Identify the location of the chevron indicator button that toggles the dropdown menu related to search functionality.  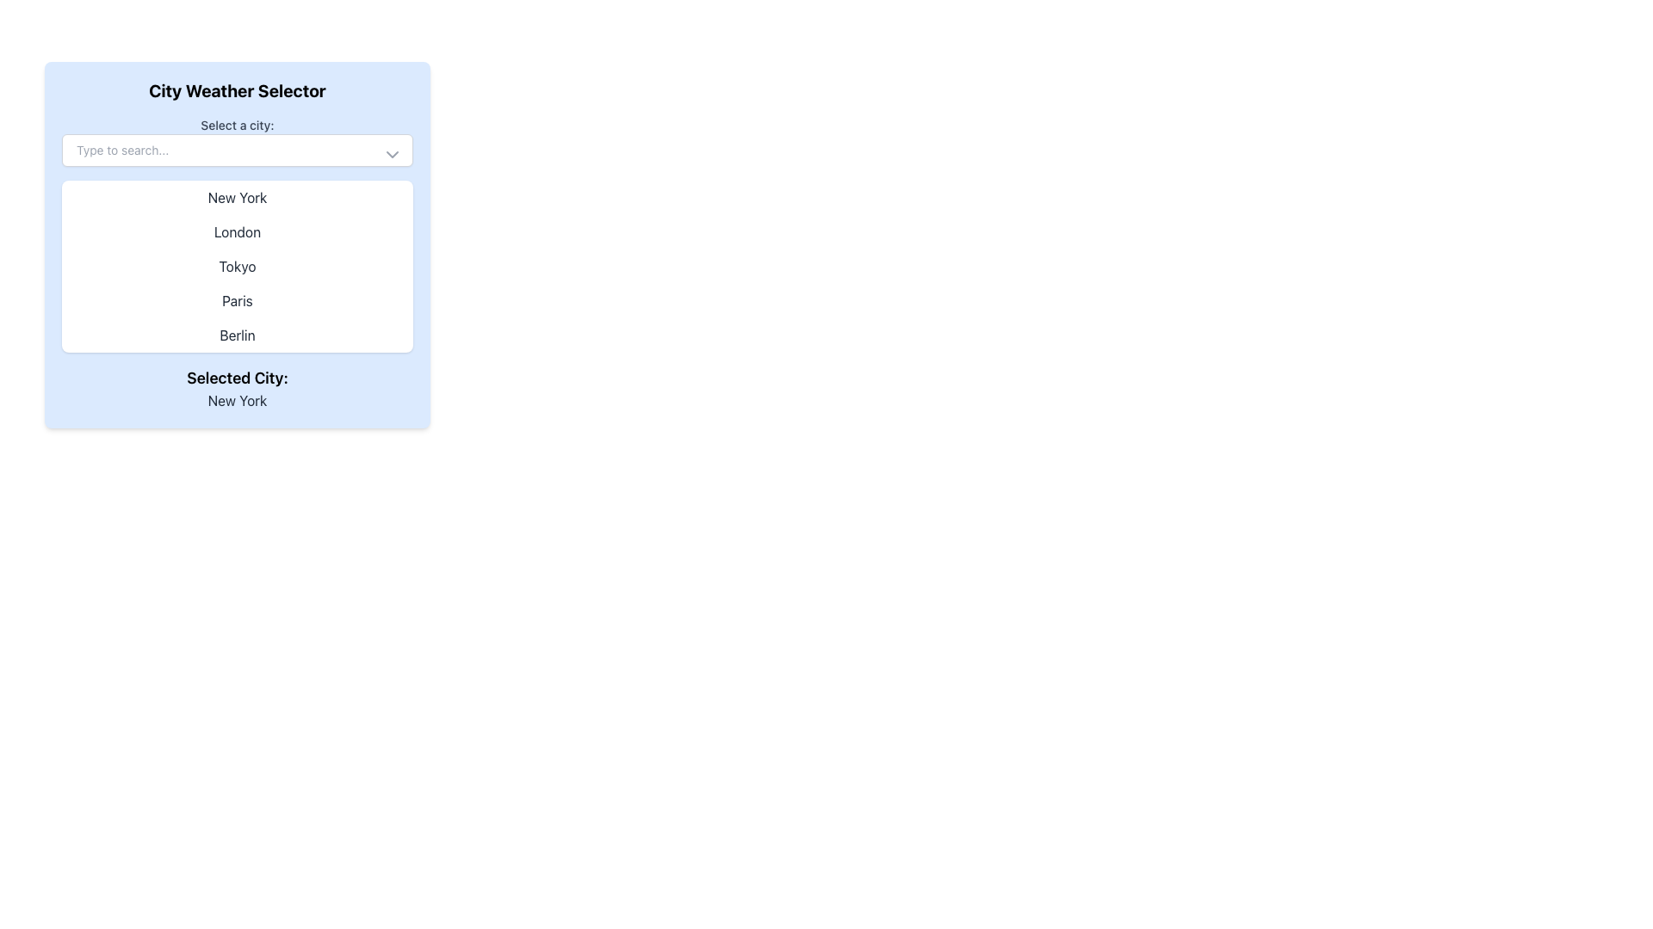
(392, 155).